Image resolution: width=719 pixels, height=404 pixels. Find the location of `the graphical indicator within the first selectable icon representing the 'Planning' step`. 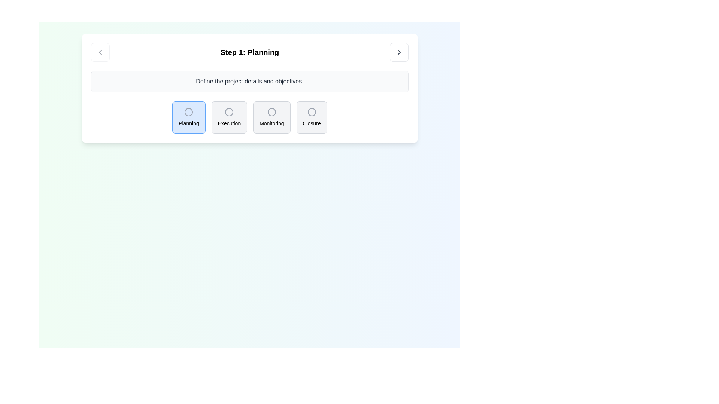

the graphical indicator within the first selectable icon representing the 'Planning' step is located at coordinates (189, 112).